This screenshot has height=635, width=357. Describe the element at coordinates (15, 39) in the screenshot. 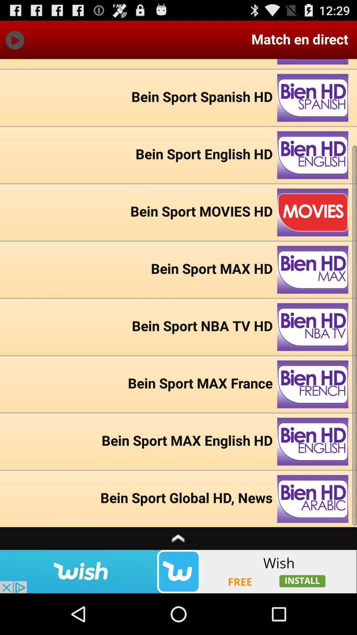

I see `play` at that location.